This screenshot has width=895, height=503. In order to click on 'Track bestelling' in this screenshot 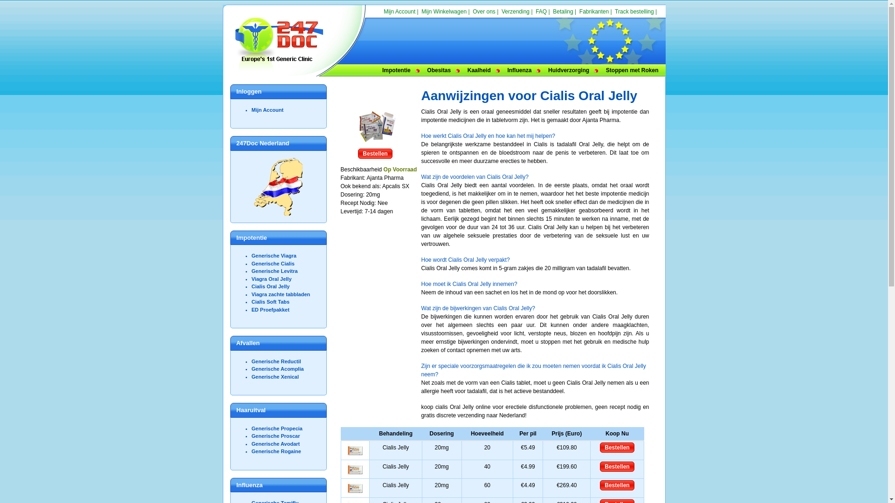, I will do `click(634, 11)`.